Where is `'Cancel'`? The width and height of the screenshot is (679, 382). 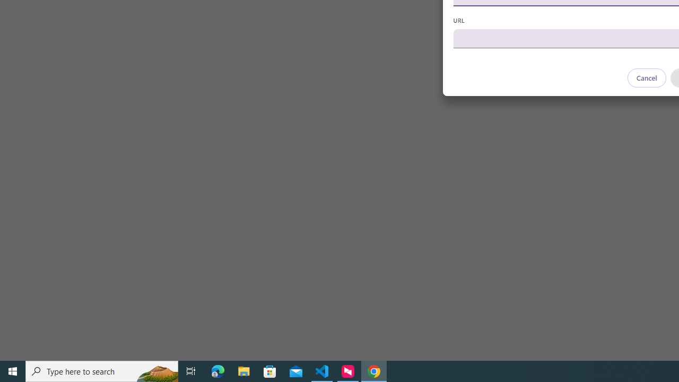 'Cancel' is located at coordinates (646, 77).